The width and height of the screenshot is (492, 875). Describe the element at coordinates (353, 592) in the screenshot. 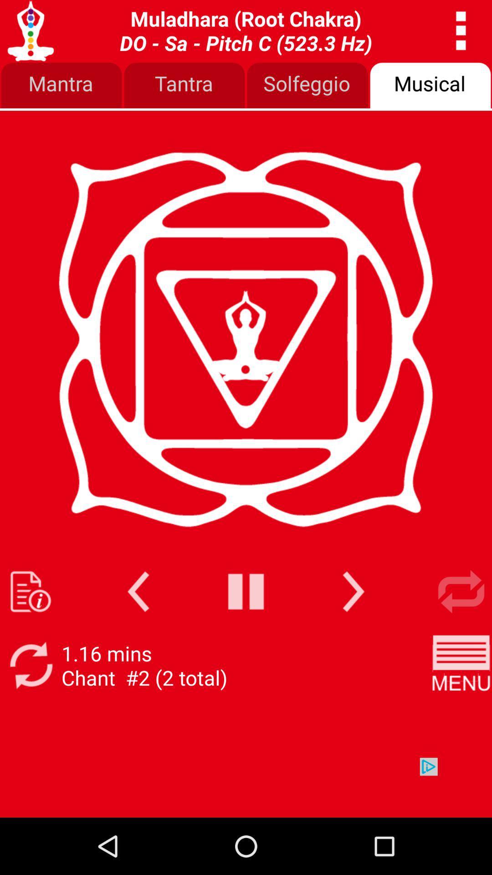

I see `next page` at that location.